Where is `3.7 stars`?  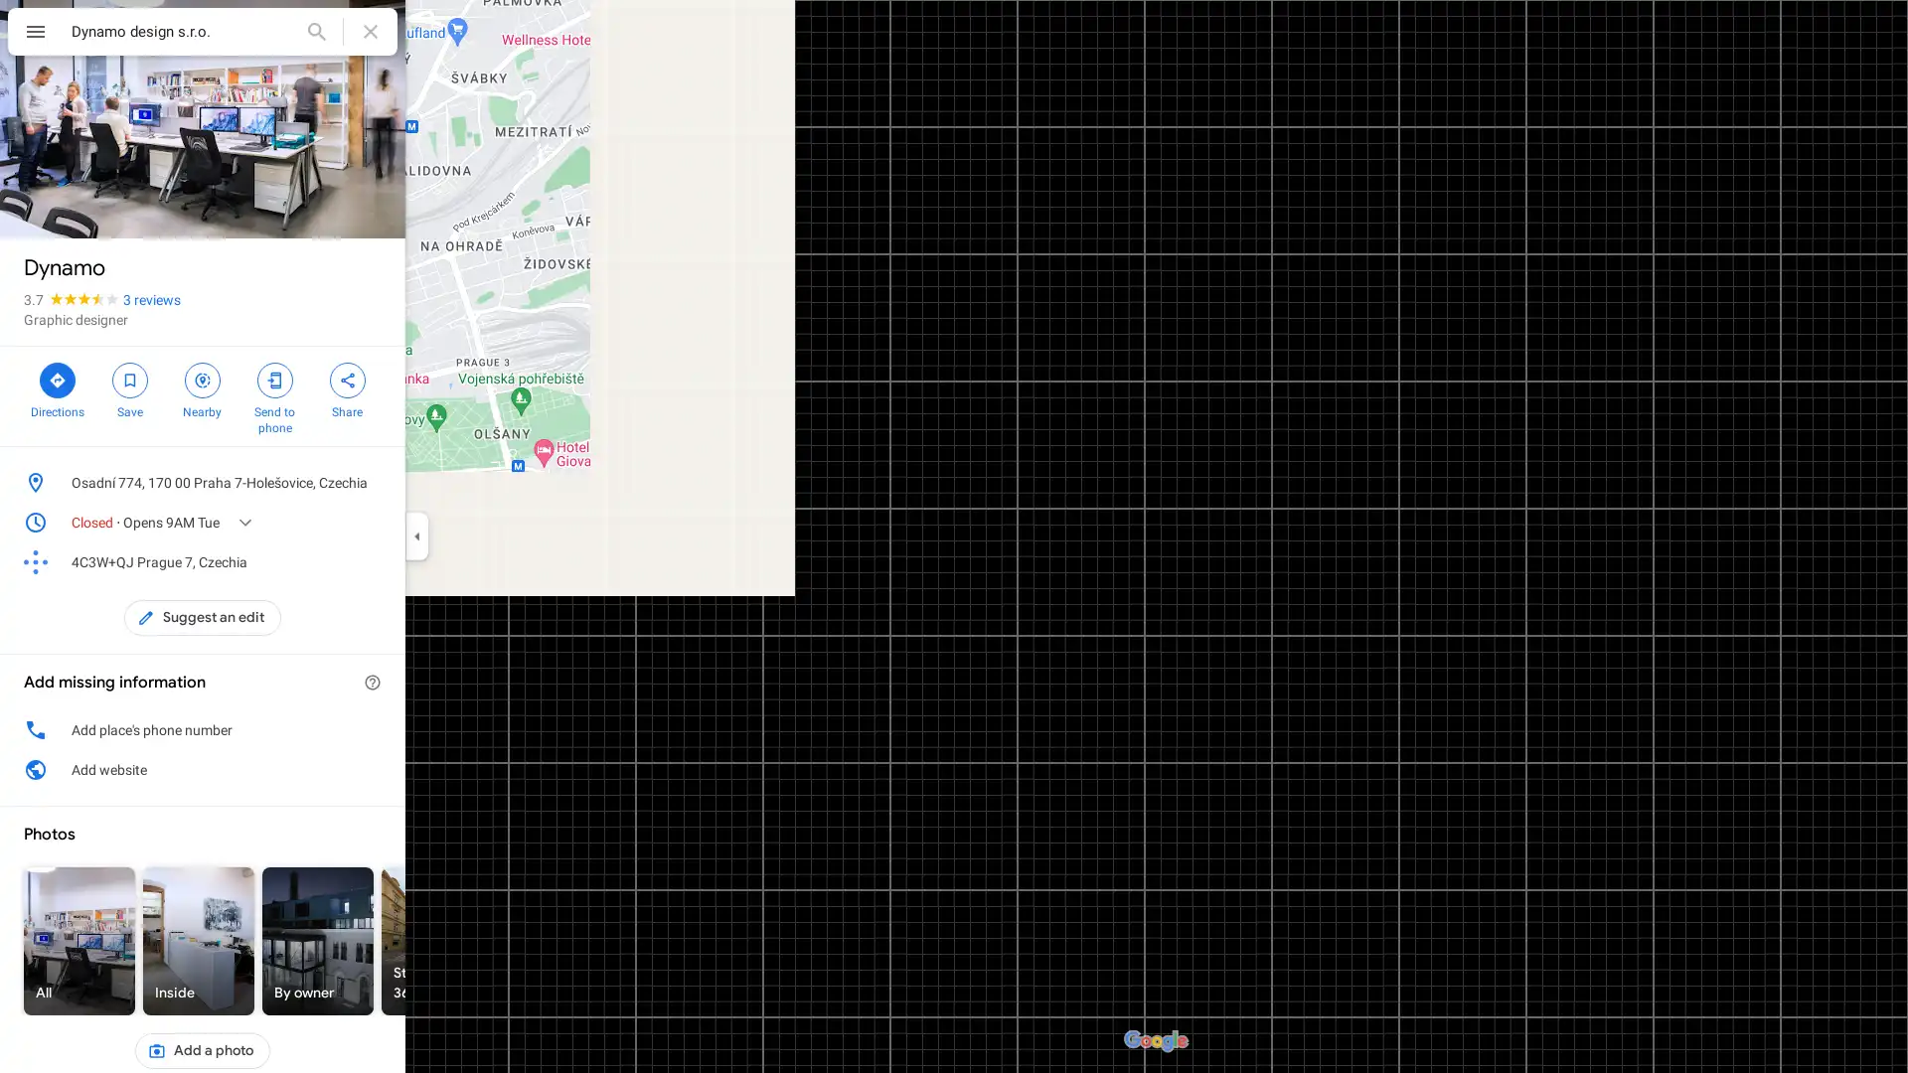 3.7 stars is located at coordinates (73, 299).